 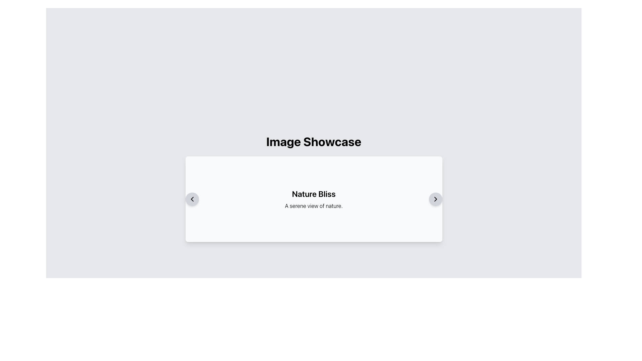 I want to click on the right-facing chevron icon inside the circular button, so click(x=435, y=199).